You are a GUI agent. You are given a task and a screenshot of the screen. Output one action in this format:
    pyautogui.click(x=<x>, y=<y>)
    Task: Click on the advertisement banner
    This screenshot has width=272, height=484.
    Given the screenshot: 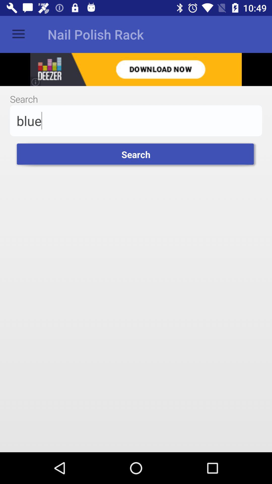 What is the action you would take?
    pyautogui.click(x=136, y=69)
    